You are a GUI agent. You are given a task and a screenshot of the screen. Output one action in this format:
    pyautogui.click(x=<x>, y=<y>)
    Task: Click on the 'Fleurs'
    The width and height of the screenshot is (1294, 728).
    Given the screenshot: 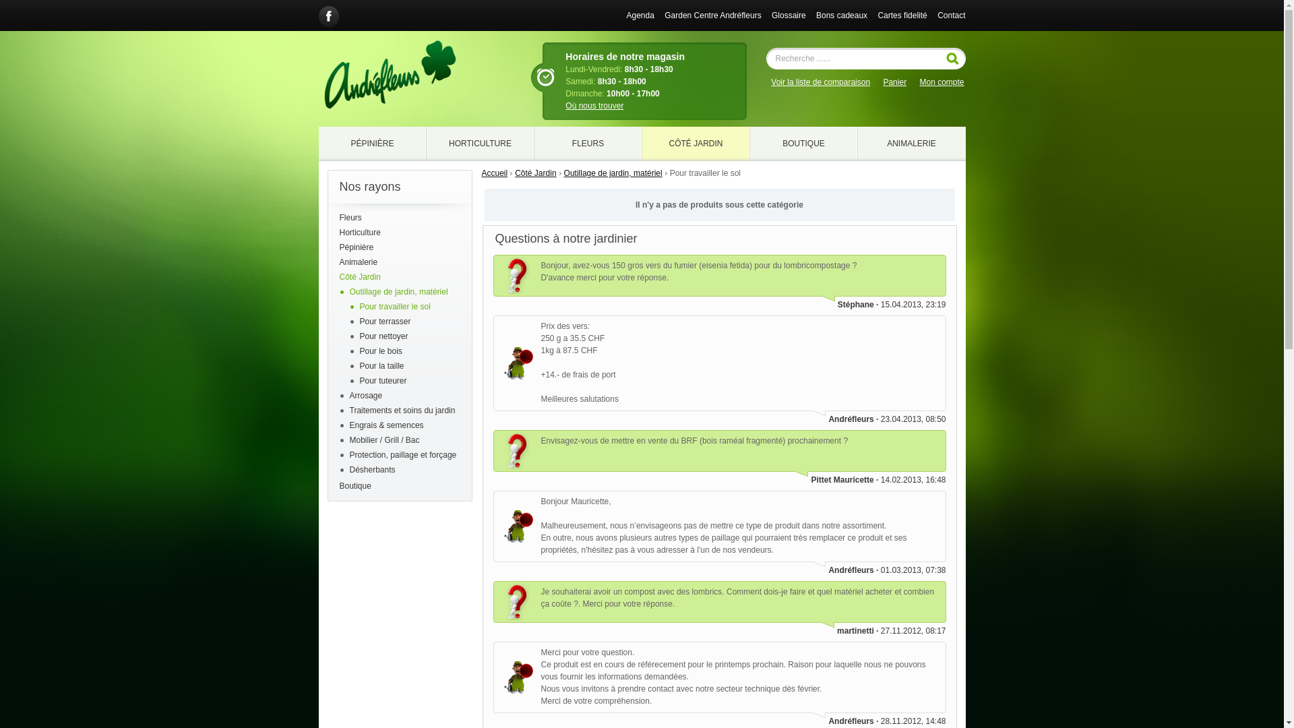 What is the action you would take?
    pyautogui.click(x=340, y=217)
    